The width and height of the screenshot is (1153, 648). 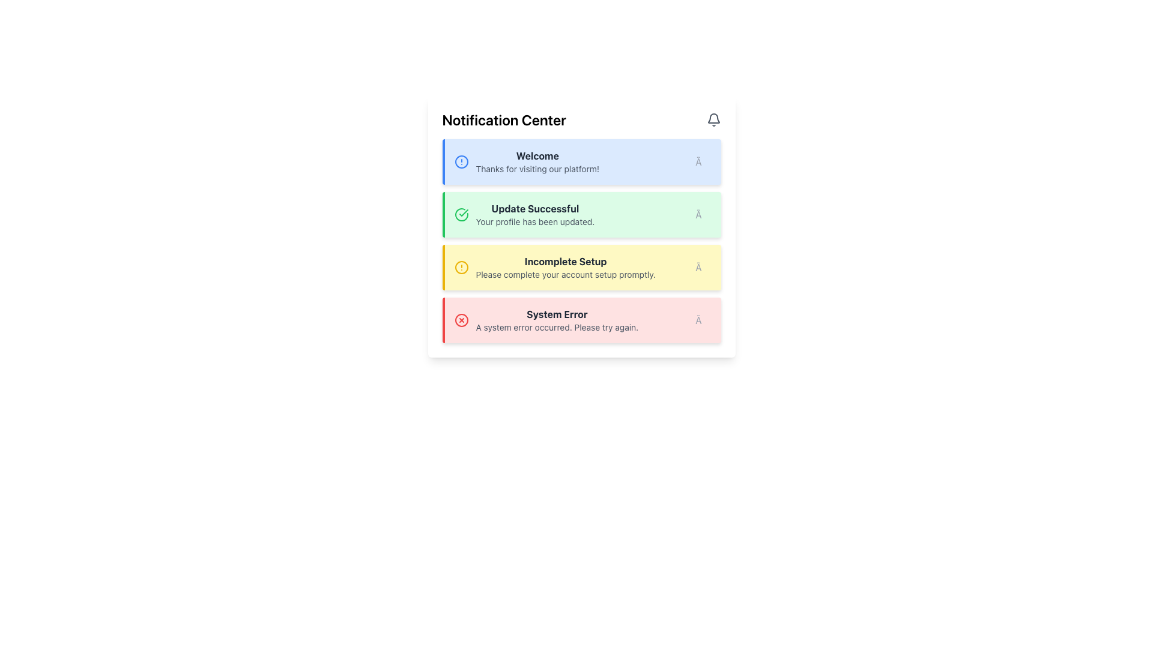 What do you see at coordinates (461, 267) in the screenshot?
I see `the innermost circle of the yellow alert icon in the 'Incomplete Setup' notification, which emphasizes the warning state` at bounding box center [461, 267].